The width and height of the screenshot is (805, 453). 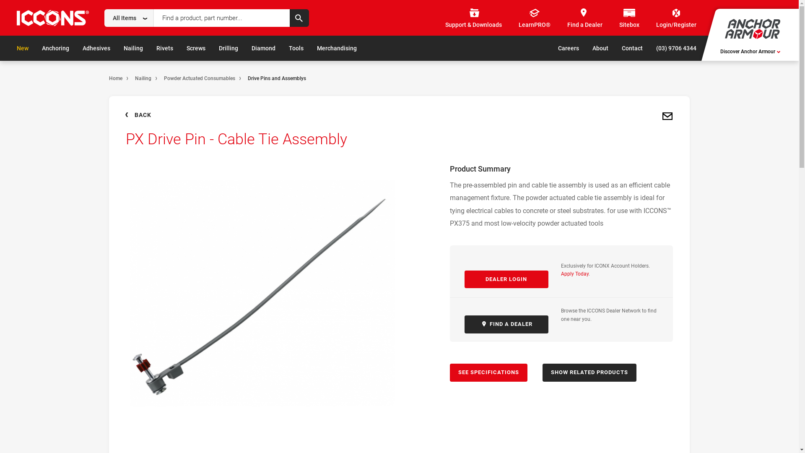 I want to click on 'BACK', so click(x=124, y=115).